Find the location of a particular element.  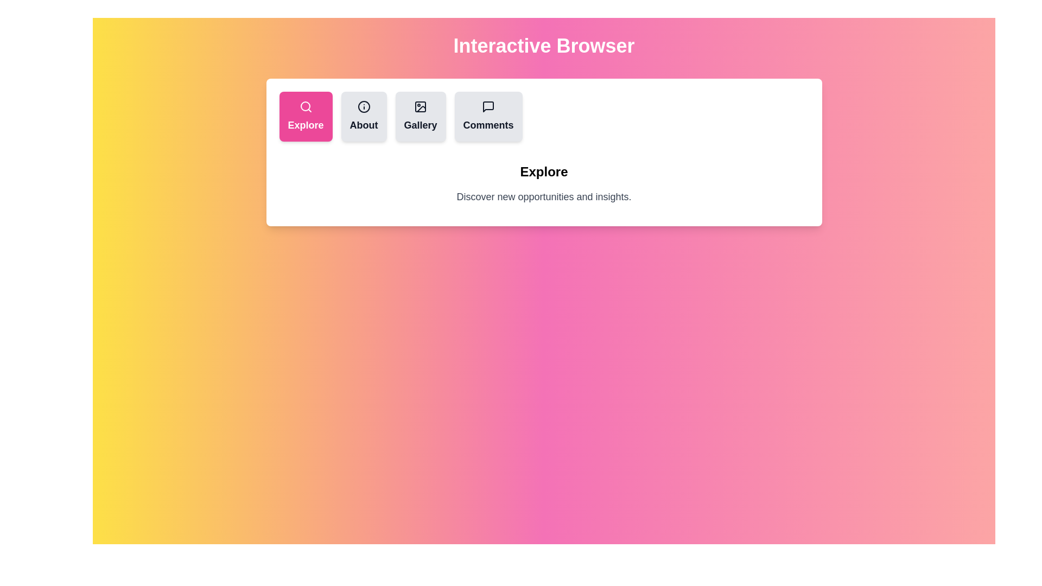

the tab button labeled Comments to observe the visual feedback effect is located at coordinates (488, 117).